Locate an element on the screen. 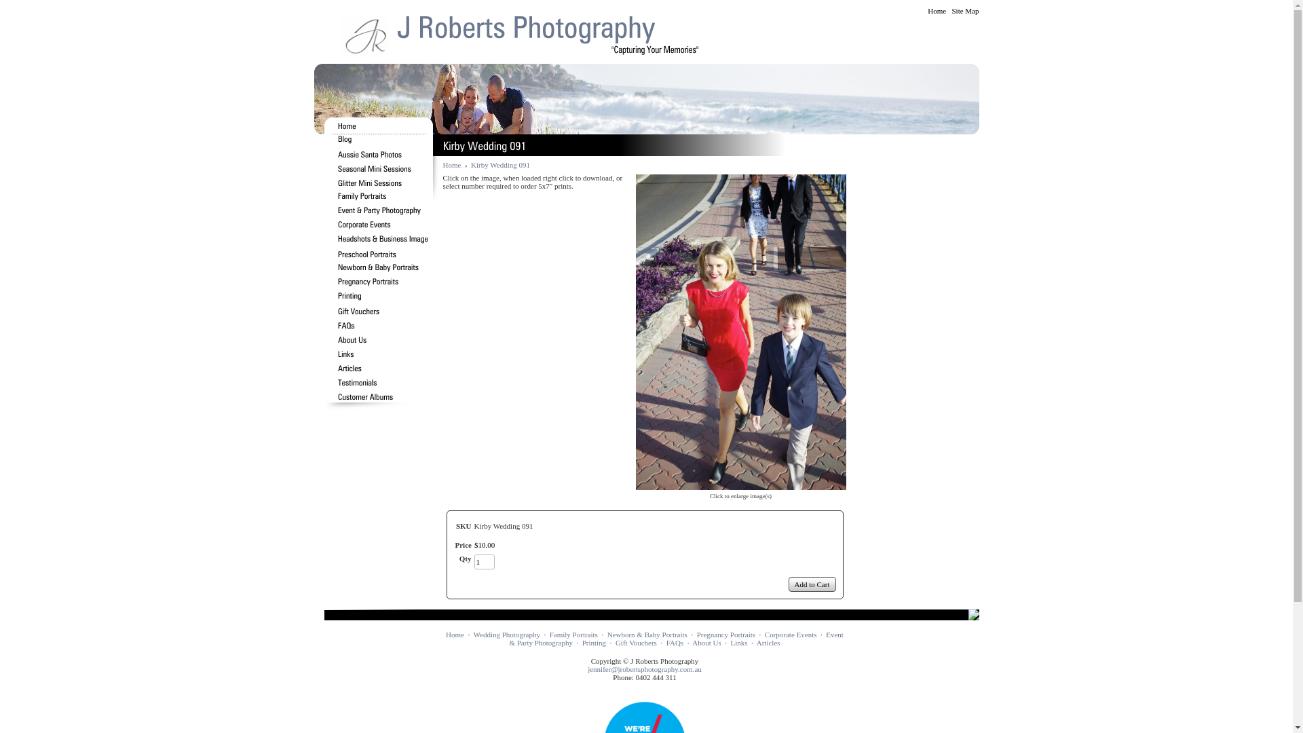  'Event & Party Photography' is located at coordinates (676, 639).